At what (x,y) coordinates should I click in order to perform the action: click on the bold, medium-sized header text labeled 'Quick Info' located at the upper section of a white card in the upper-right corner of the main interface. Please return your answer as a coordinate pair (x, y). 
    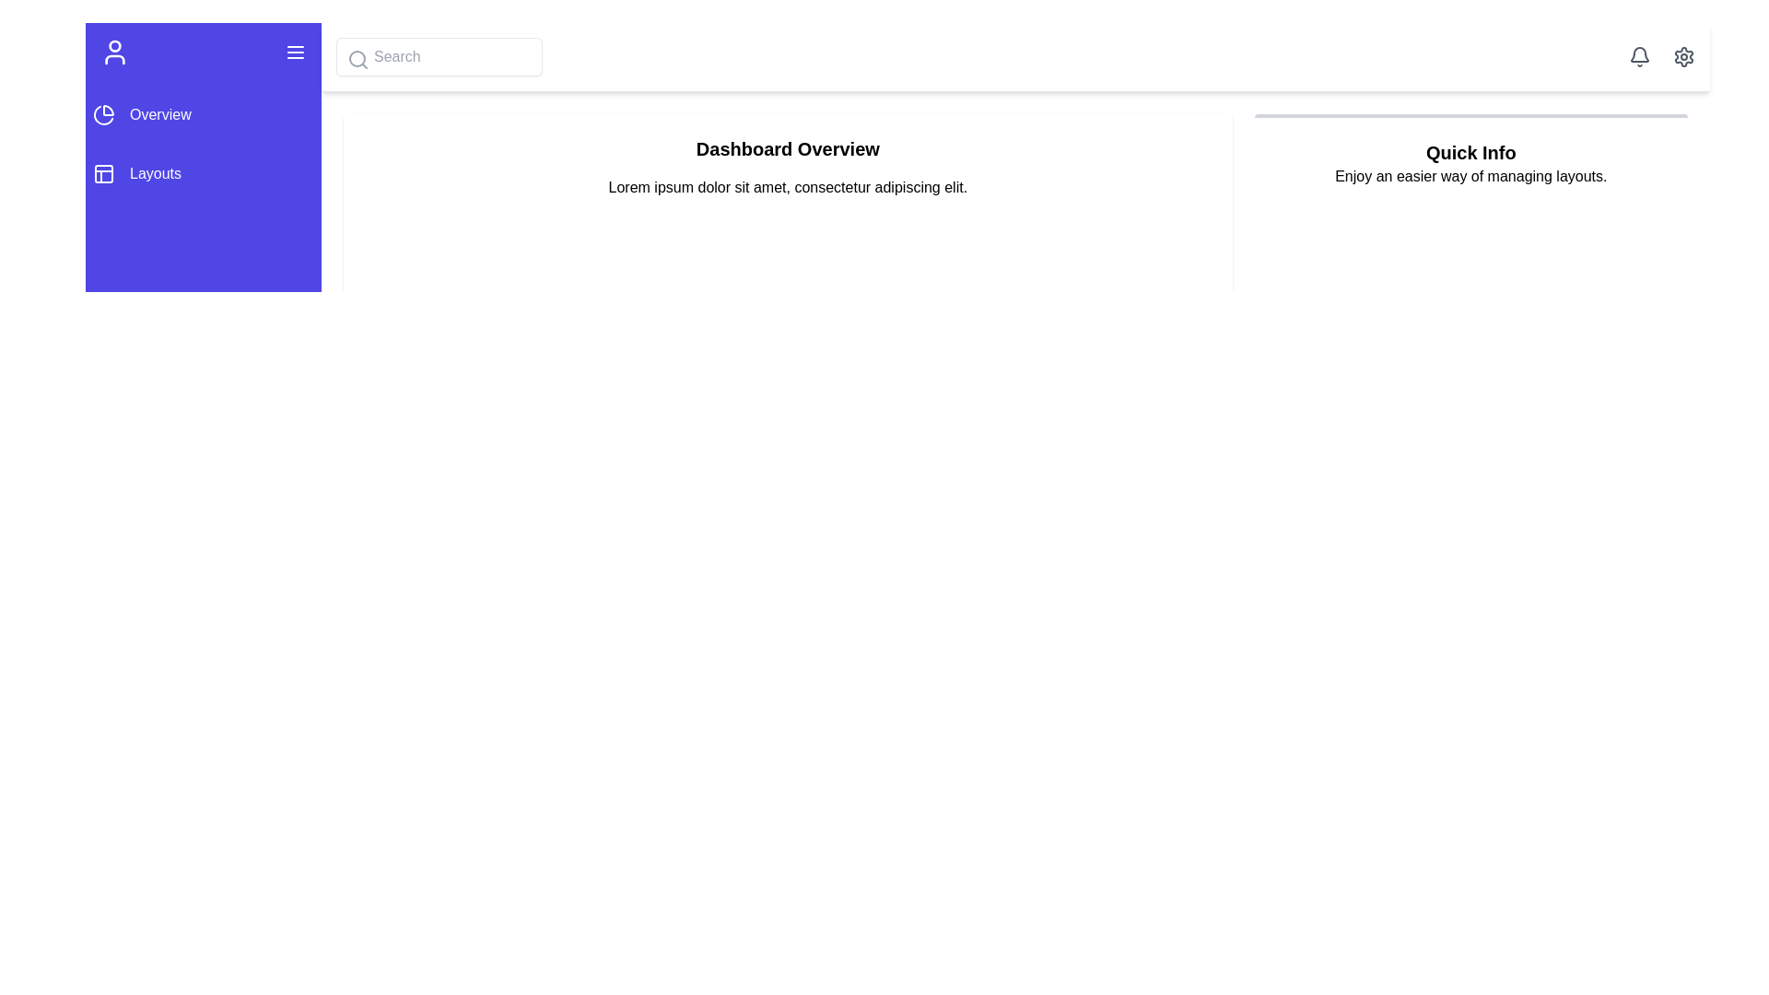
    Looking at the image, I should click on (1470, 151).